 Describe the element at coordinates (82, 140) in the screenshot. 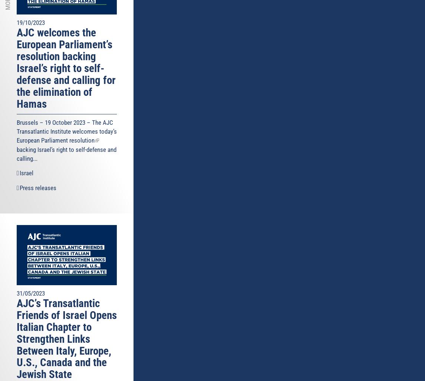

I see `'resolution'` at that location.